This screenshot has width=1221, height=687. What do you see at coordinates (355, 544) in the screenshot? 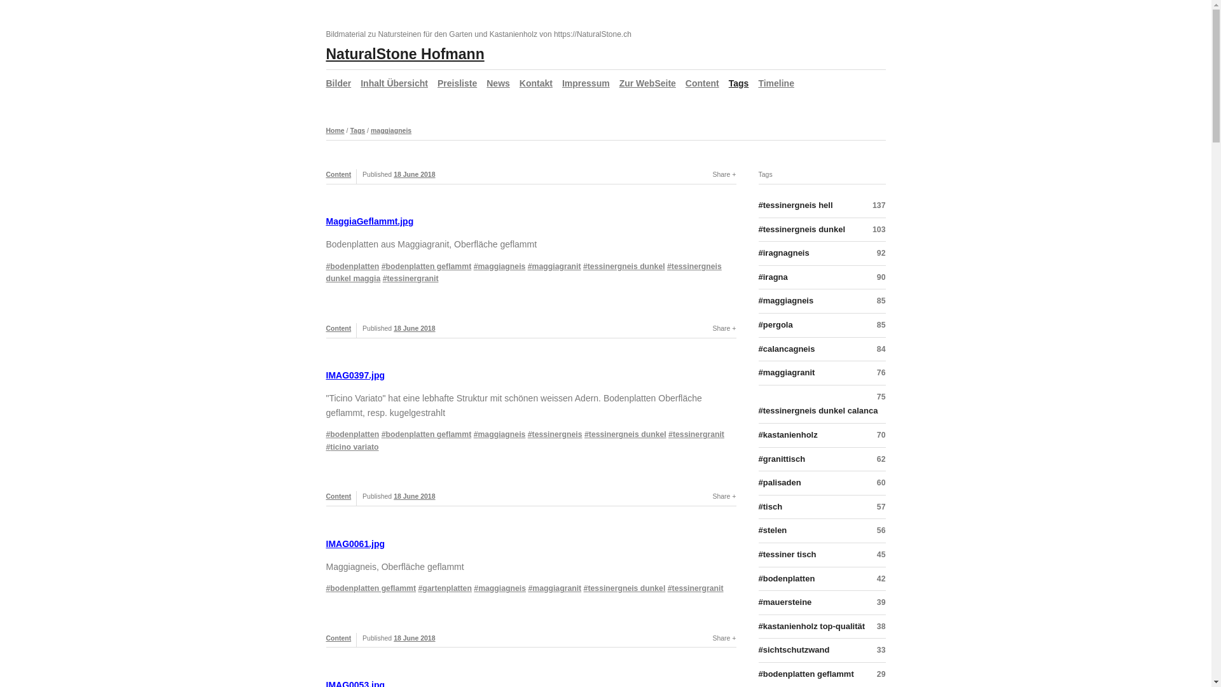
I see `'IMAG0061.jpg'` at bounding box center [355, 544].